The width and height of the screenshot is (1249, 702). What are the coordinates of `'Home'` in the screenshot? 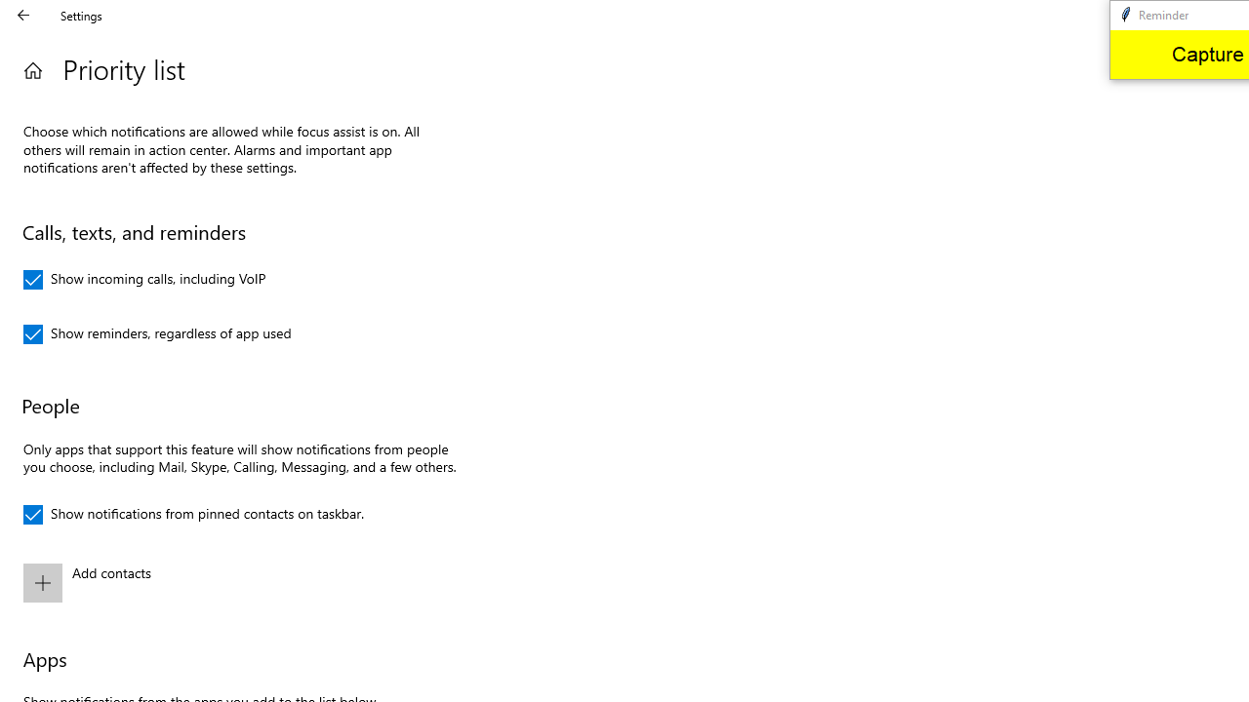 It's located at (32, 69).